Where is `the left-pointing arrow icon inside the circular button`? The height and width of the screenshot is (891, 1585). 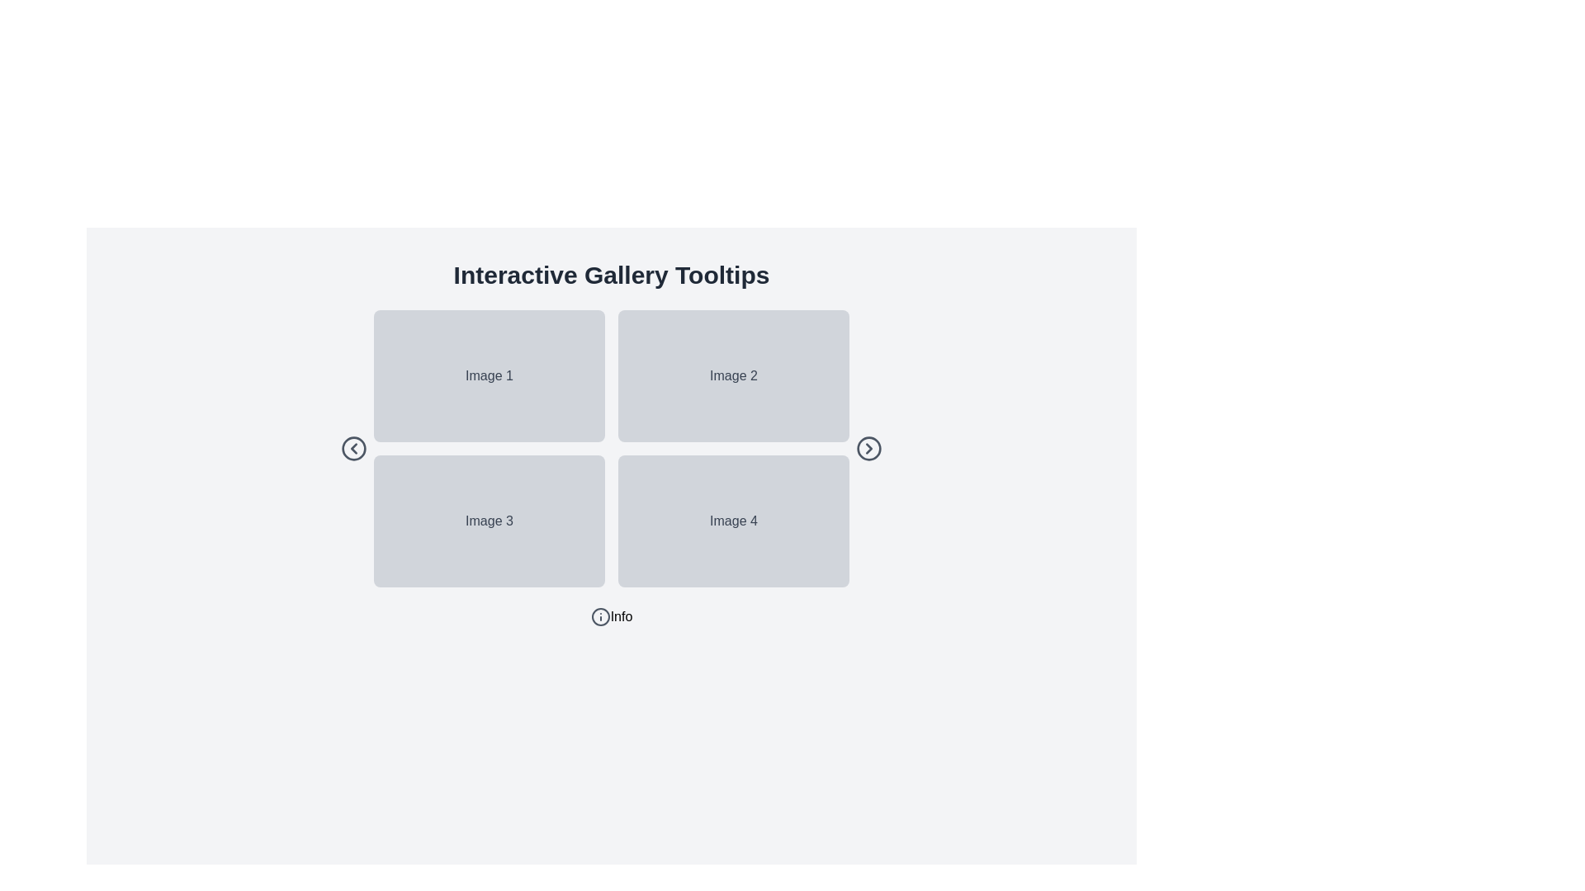
the left-pointing arrow icon inside the circular button is located at coordinates (352, 448).